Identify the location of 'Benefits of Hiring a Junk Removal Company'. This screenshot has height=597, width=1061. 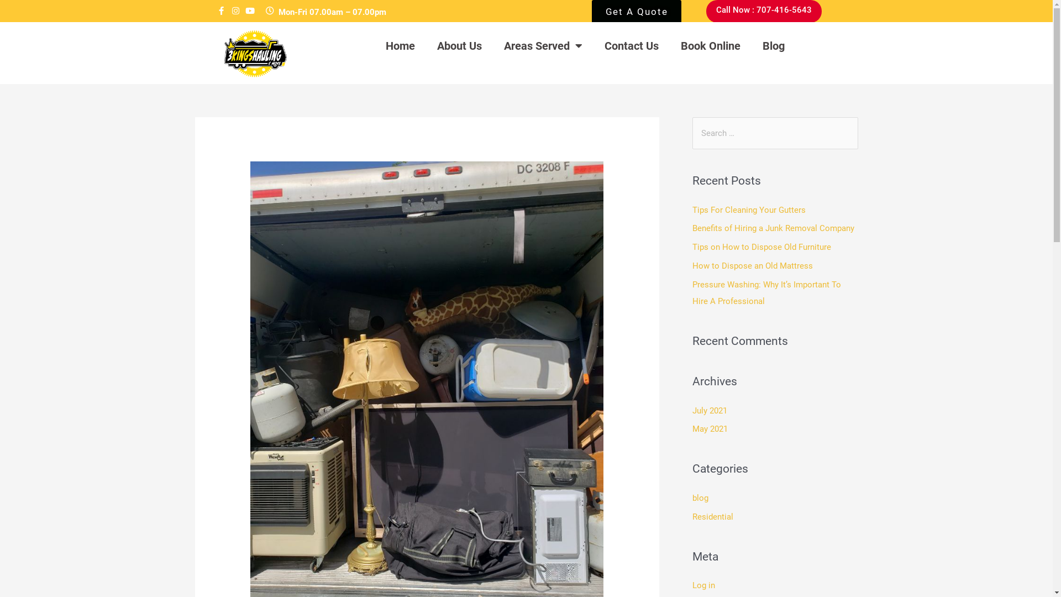
(772, 227).